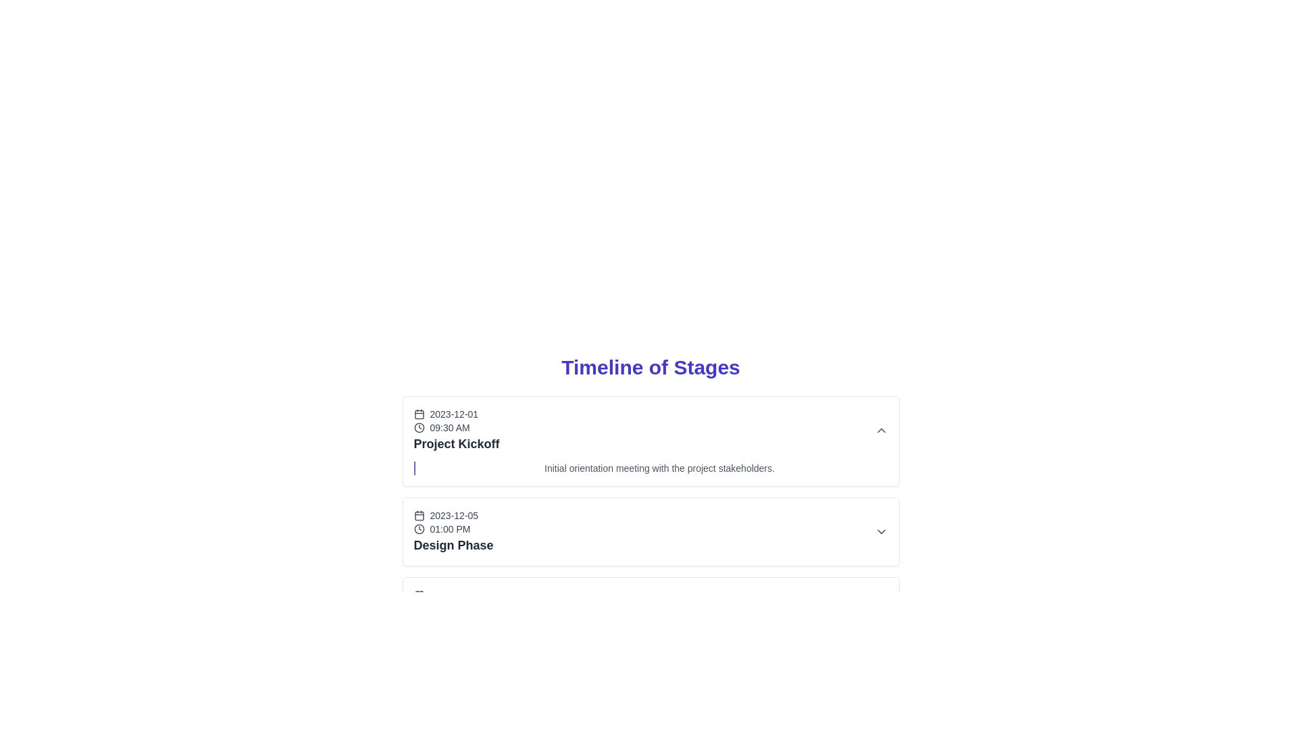  Describe the element at coordinates (659, 468) in the screenshot. I see `the Text label that provides information about the 'Project Kickoff' phase in the timeline, located beneath the title and time information, aligned to the left margin` at that location.